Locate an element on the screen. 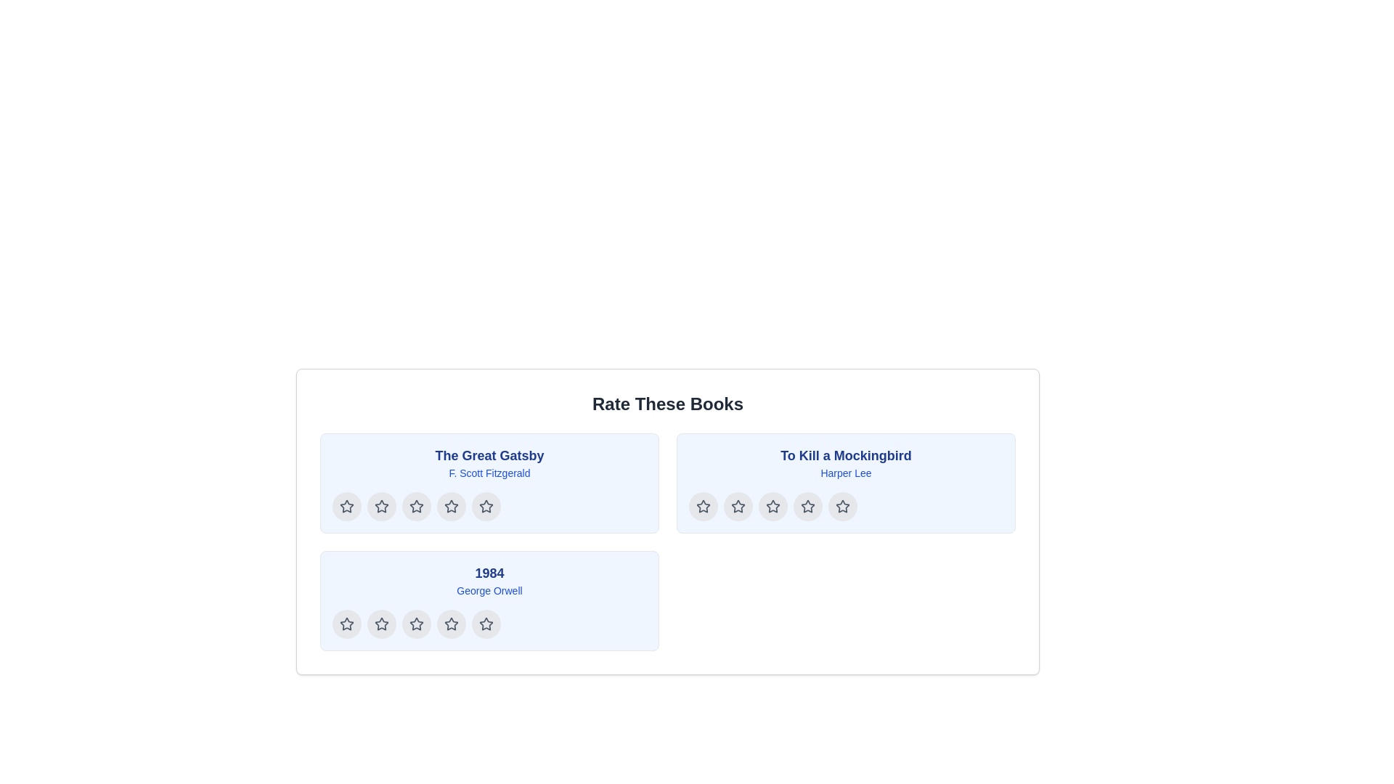  the fourth star-shaped rating icon outlined in gray within the 'To Kill a Mockingbird' card in the five-star rating system is located at coordinates (773, 505).